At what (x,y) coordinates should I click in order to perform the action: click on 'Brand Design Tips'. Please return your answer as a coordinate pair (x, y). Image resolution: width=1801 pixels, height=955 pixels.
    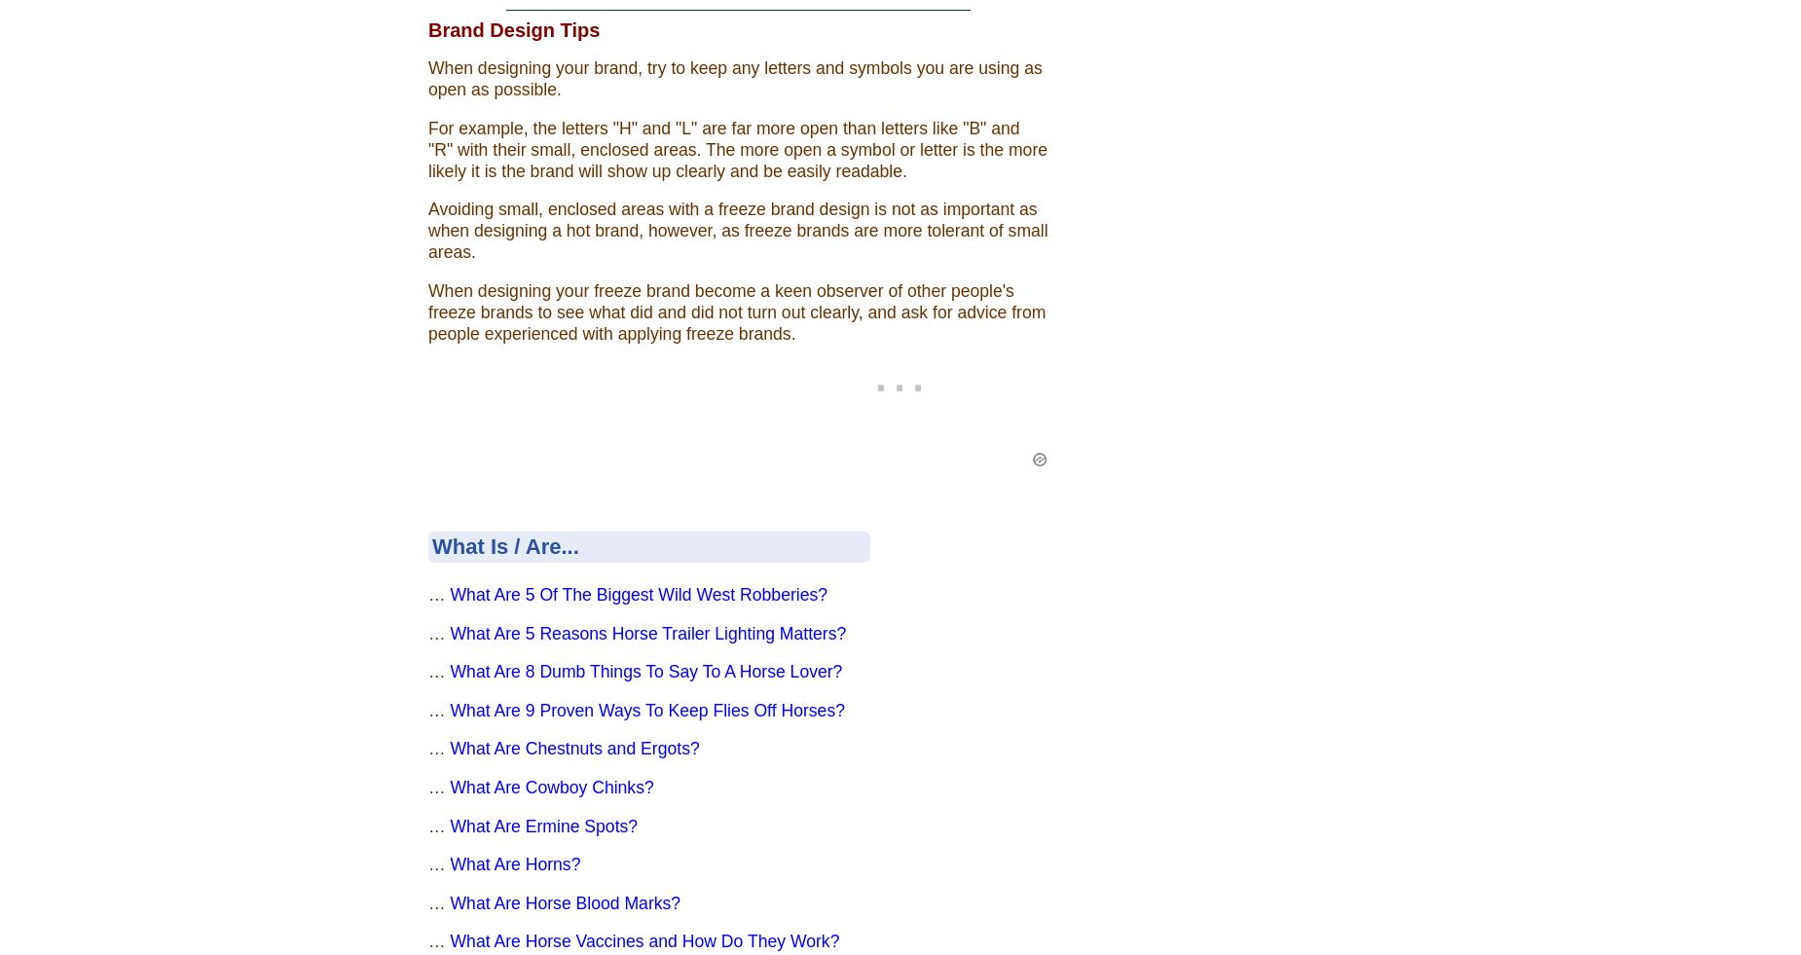
    Looking at the image, I should click on (513, 28).